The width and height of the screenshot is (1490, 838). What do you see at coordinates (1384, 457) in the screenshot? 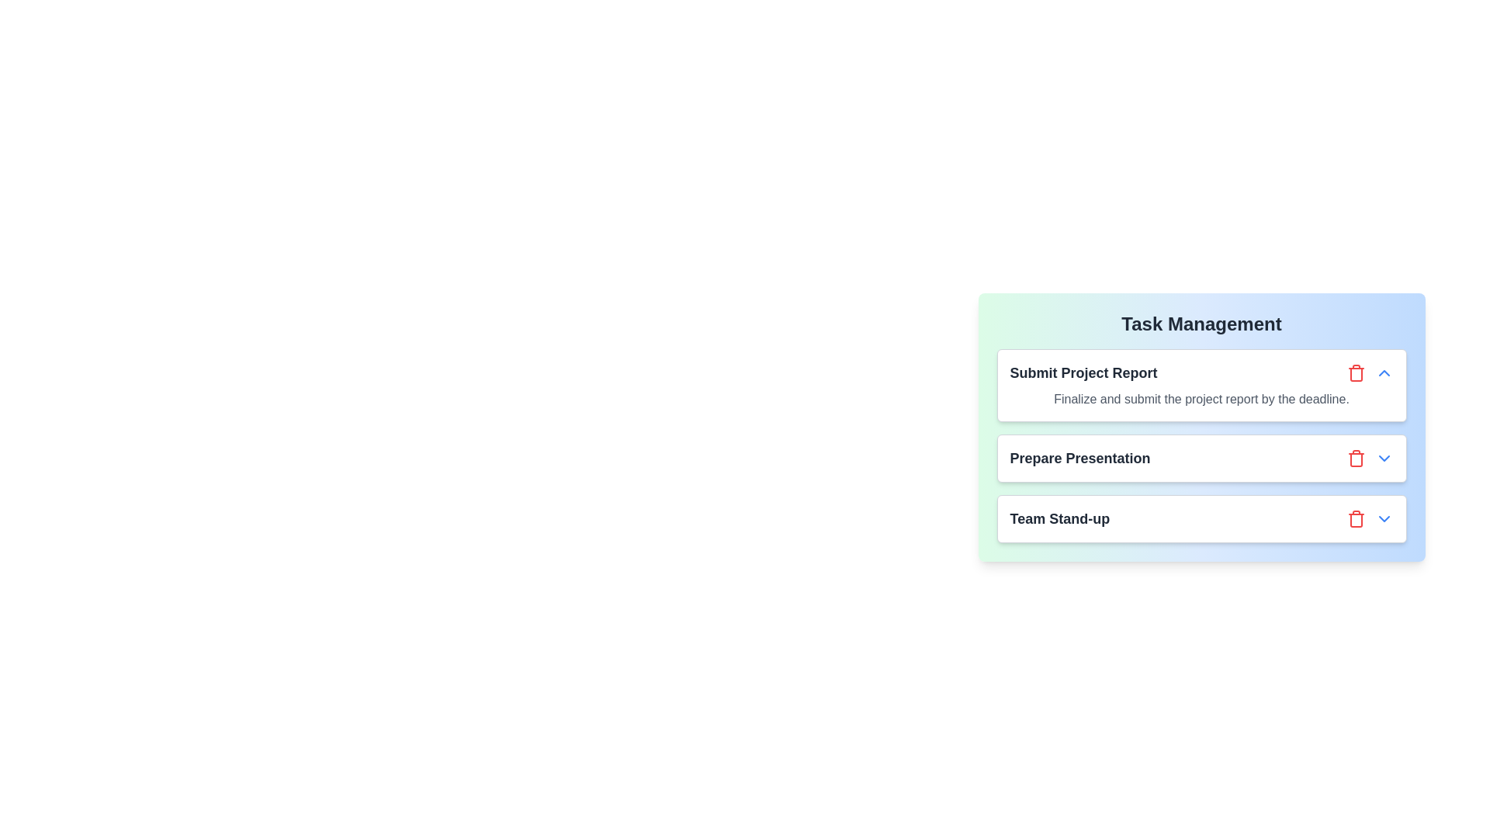
I see `the Dropdown toggle button located to the far right of the 'Prepare Presentation' task entry` at bounding box center [1384, 457].